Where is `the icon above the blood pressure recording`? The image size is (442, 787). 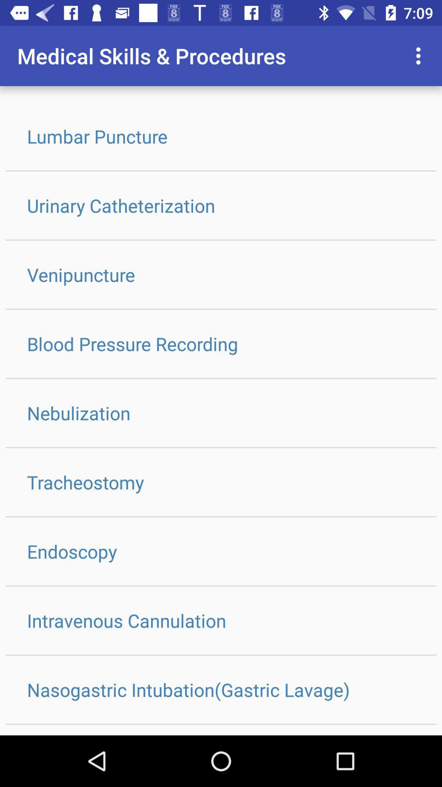 the icon above the blood pressure recording is located at coordinates (221, 275).